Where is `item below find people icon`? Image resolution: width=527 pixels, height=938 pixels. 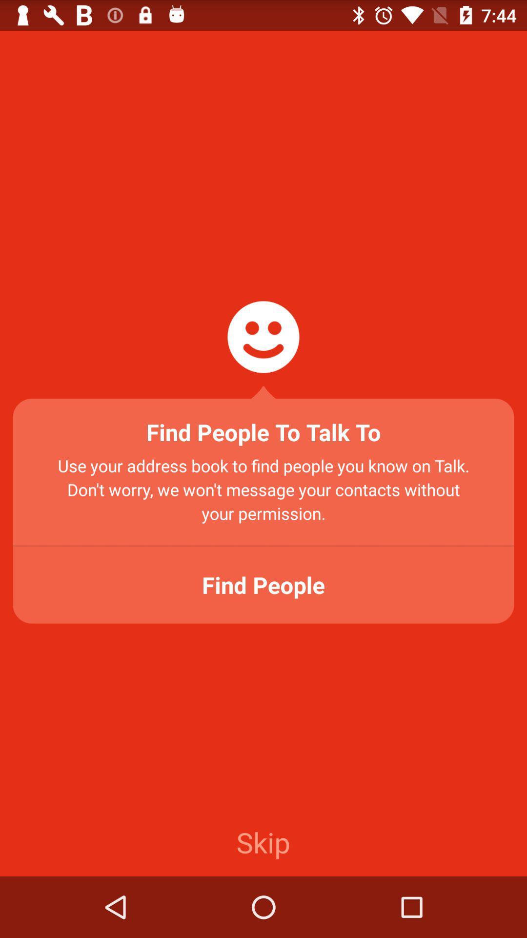
item below find people icon is located at coordinates (263, 841).